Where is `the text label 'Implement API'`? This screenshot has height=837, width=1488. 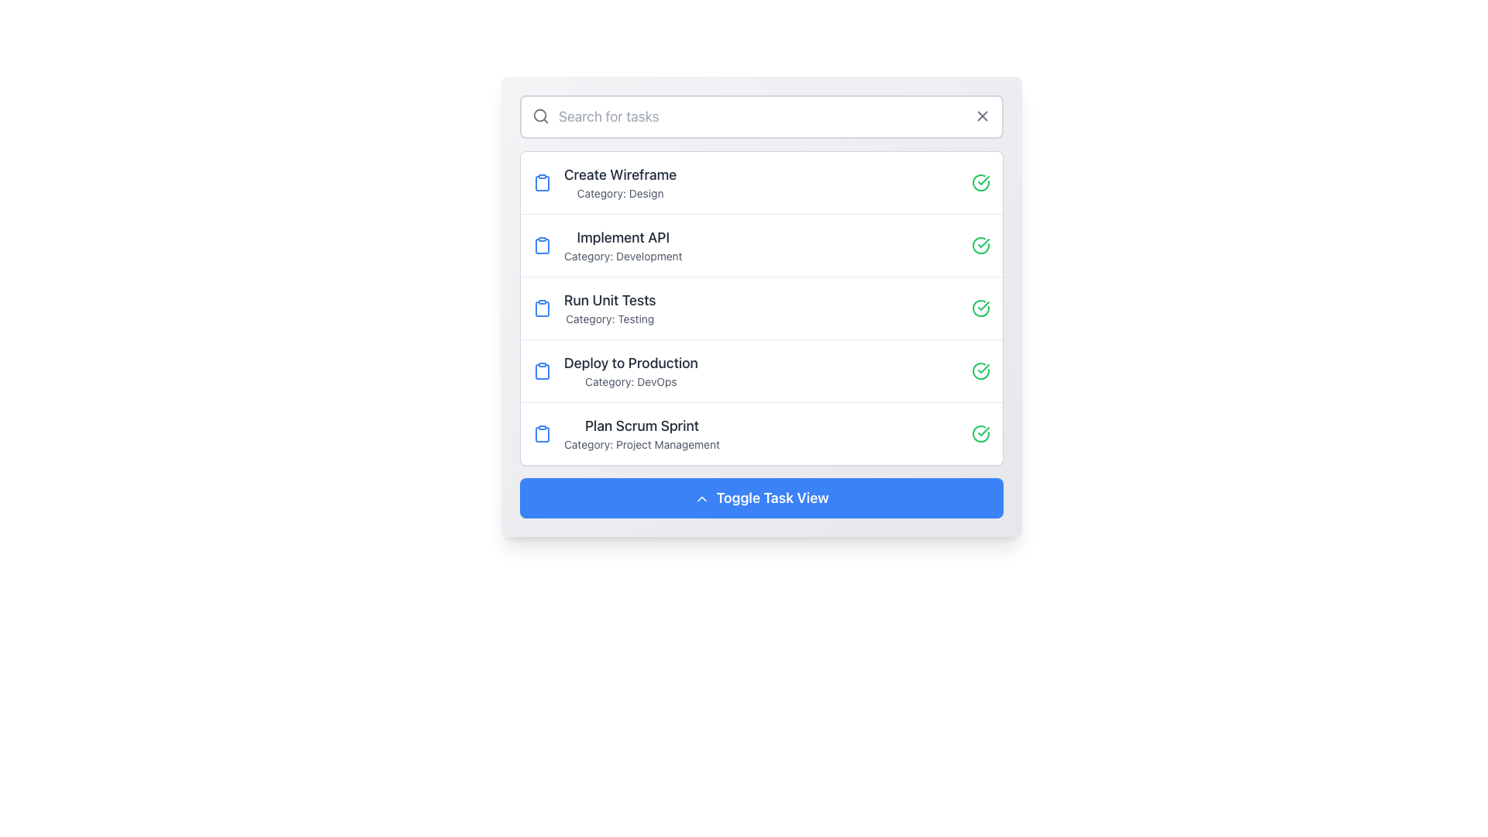 the text label 'Implement API' is located at coordinates (623, 238).